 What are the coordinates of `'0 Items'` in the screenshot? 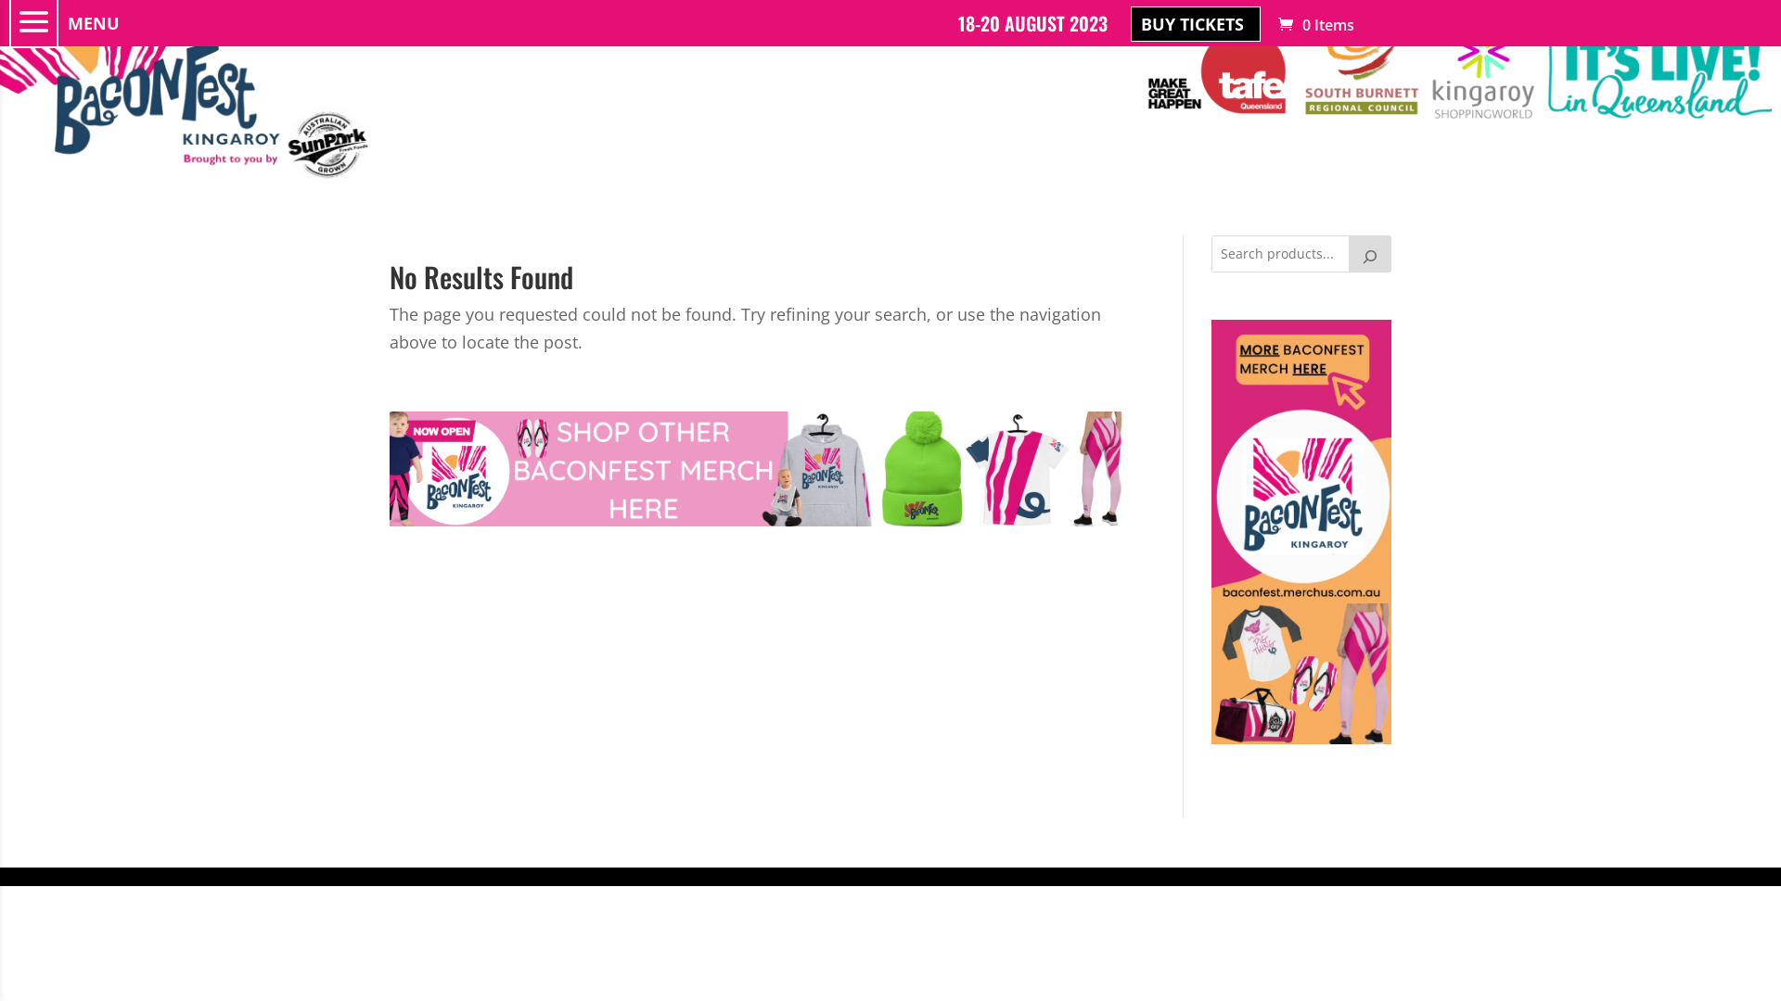 It's located at (1273, 25).